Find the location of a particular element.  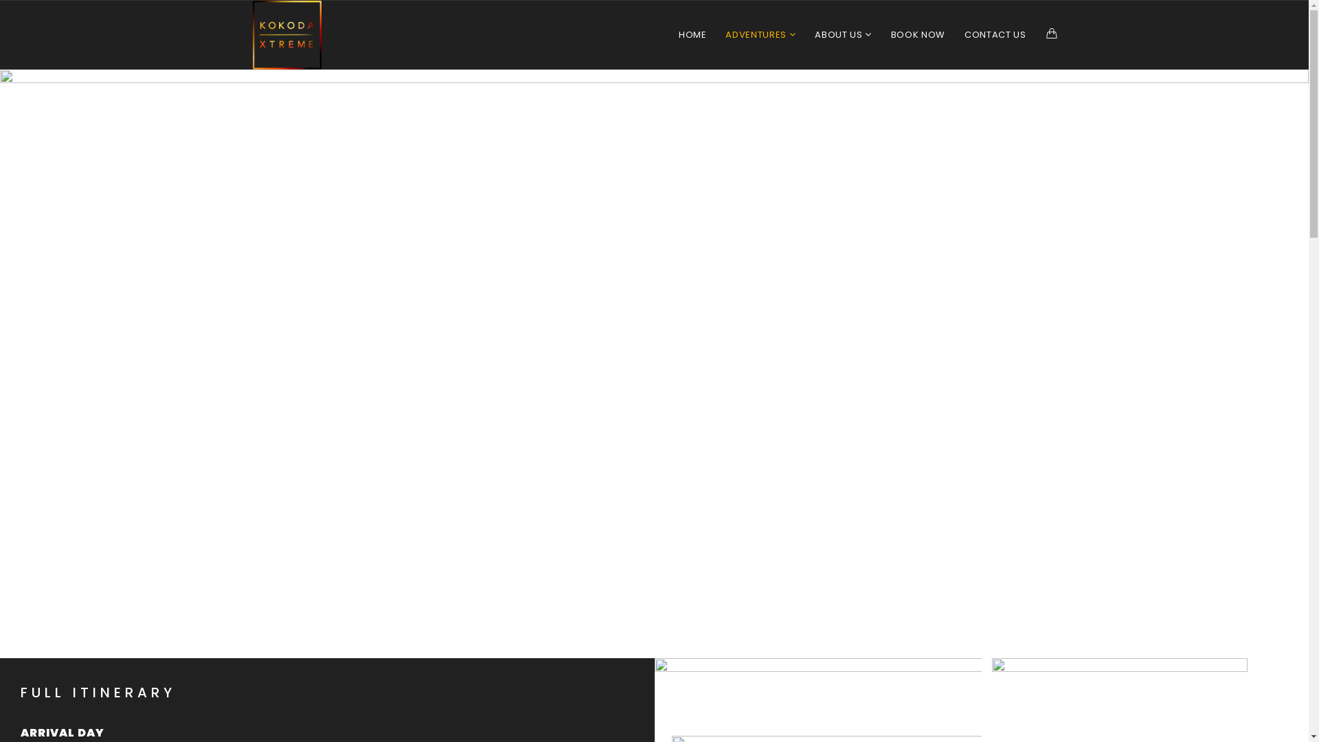

'ADVENTURES' is located at coordinates (760, 34).